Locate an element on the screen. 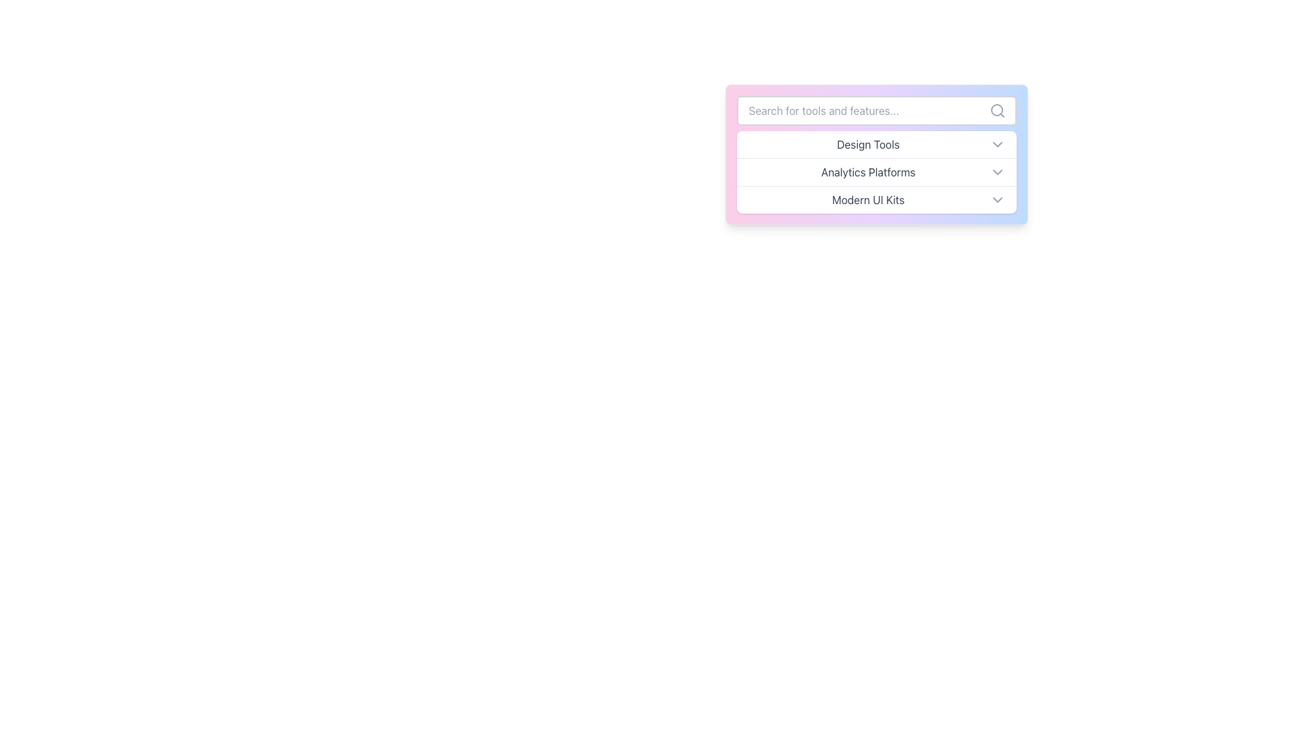  the chevron icon at the right end of the 'Analytics Platforms' row is located at coordinates (997, 171).